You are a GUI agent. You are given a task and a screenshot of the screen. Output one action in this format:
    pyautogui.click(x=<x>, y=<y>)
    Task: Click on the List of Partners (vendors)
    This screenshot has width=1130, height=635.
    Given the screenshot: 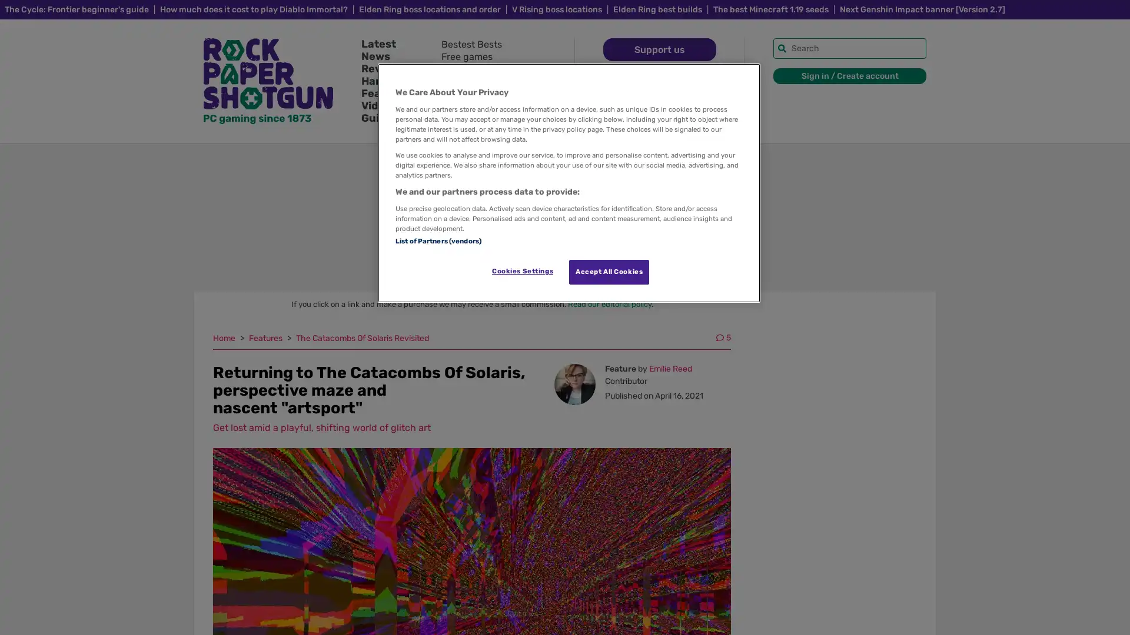 What is the action you would take?
    pyautogui.click(x=437, y=239)
    